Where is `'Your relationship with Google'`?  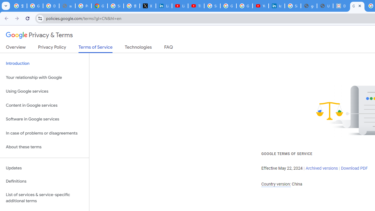
'Your relationship with Google' is located at coordinates (44, 77).